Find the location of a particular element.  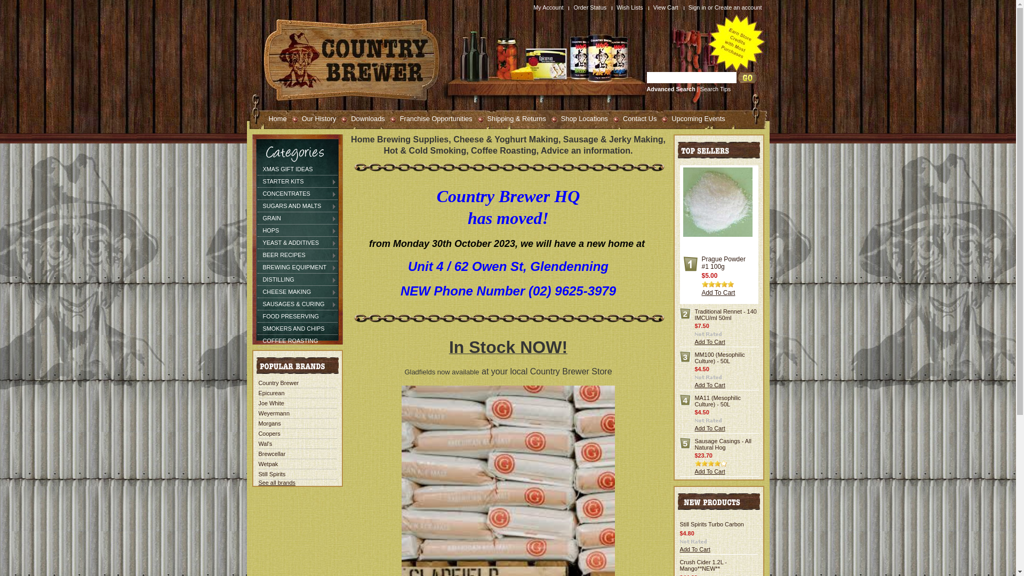

'Contact Us' is located at coordinates (635, 118).